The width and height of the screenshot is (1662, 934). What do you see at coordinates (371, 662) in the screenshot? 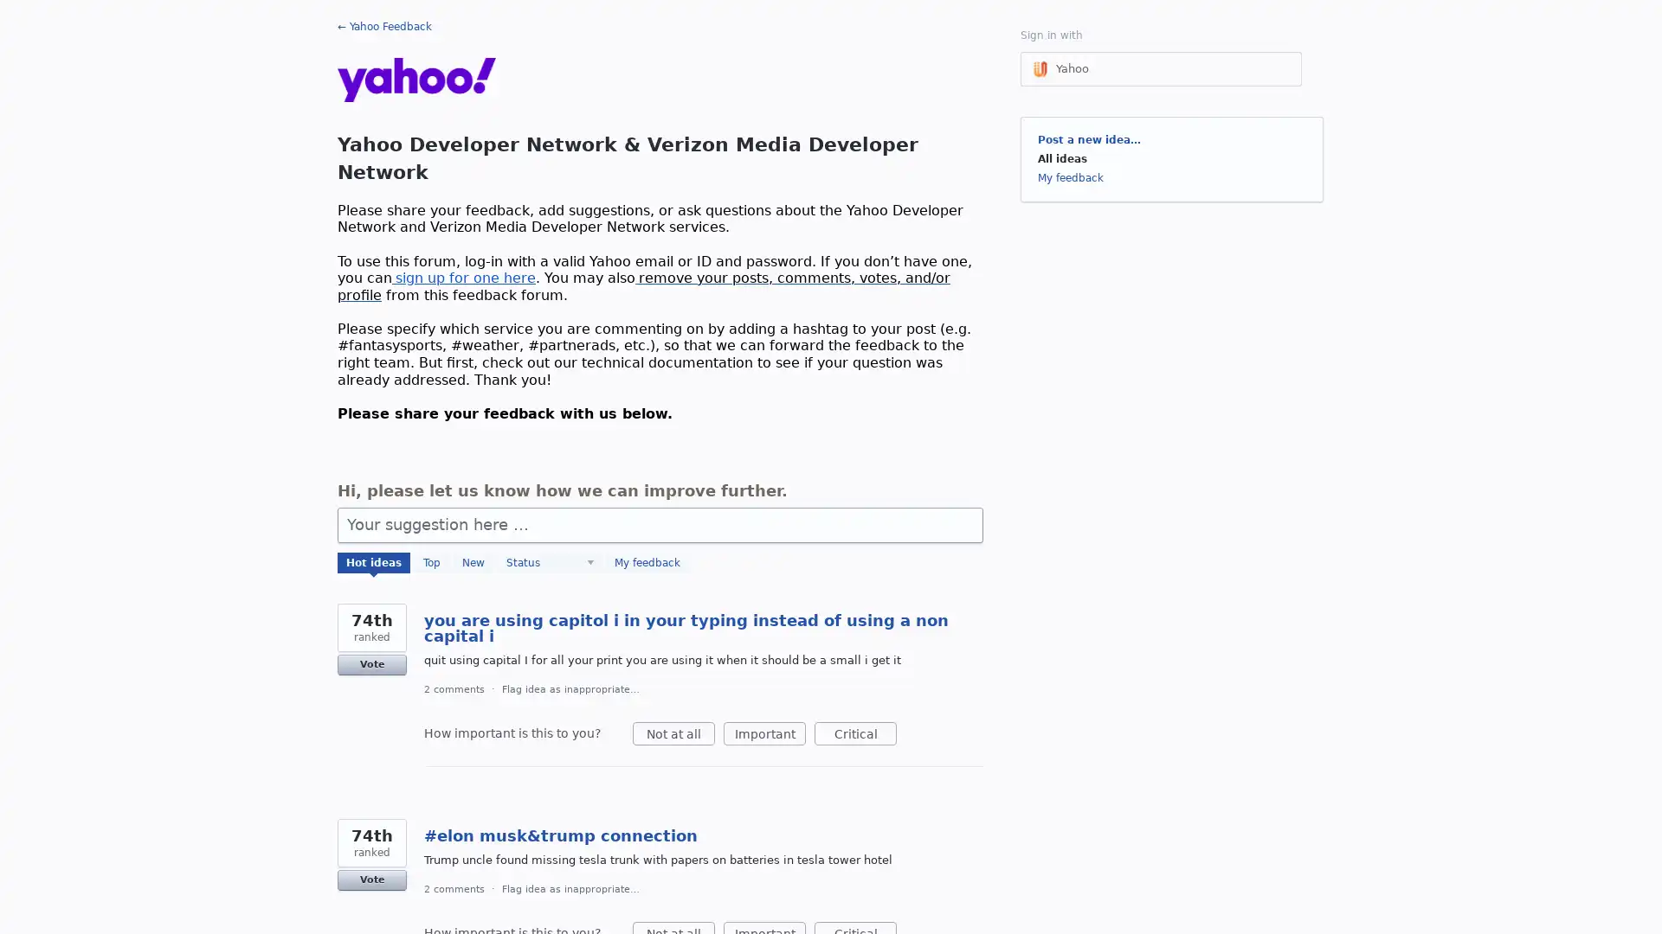
I see `Vote` at bounding box center [371, 662].